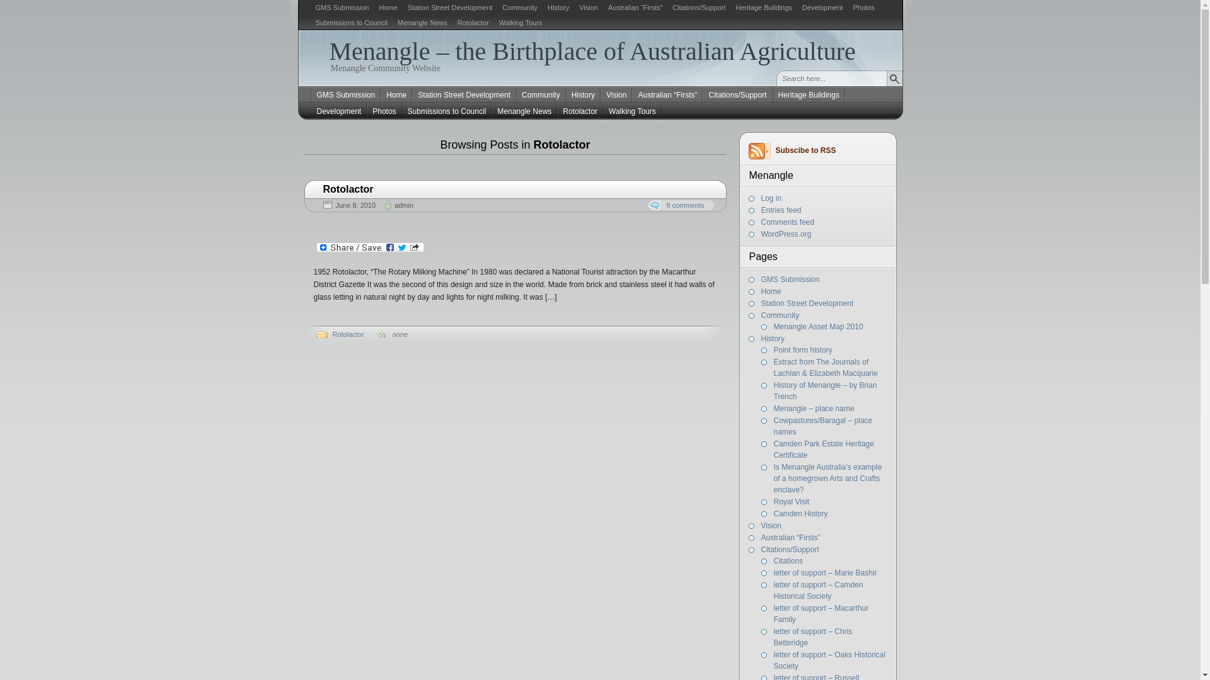 Image resolution: width=1210 pixels, height=680 pixels. What do you see at coordinates (800, 514) in the screenshot?
I see `'Camden History'` at bounding box center [800, 514].